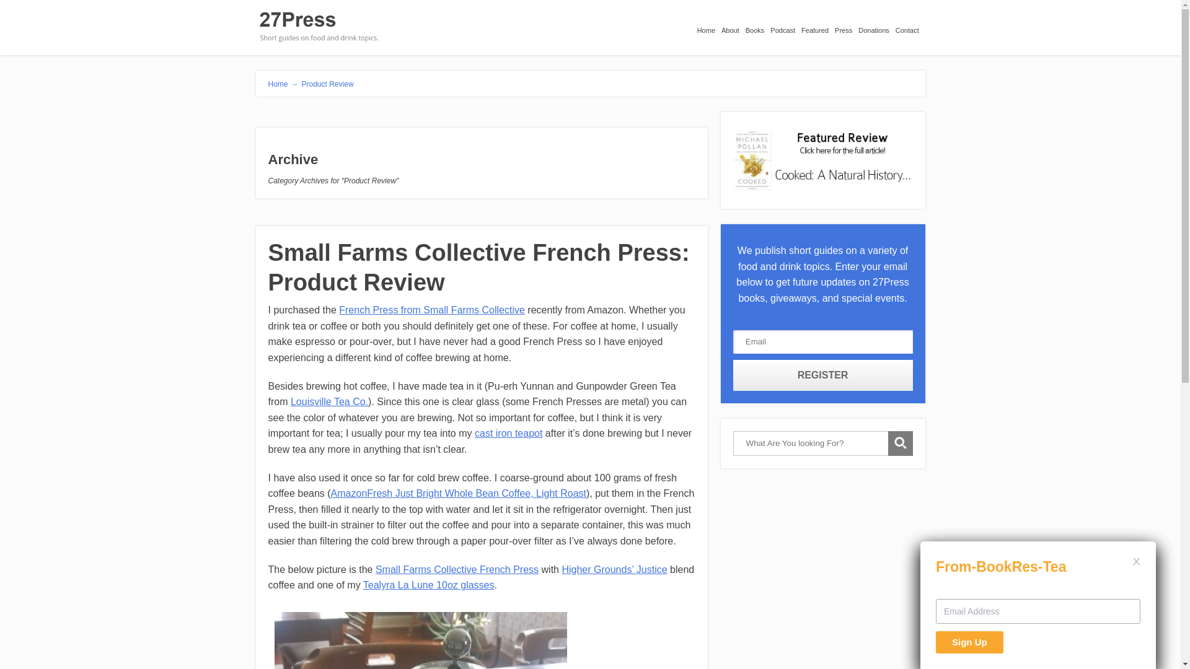  I want to click on 'Sign Up', so click(969, 642).